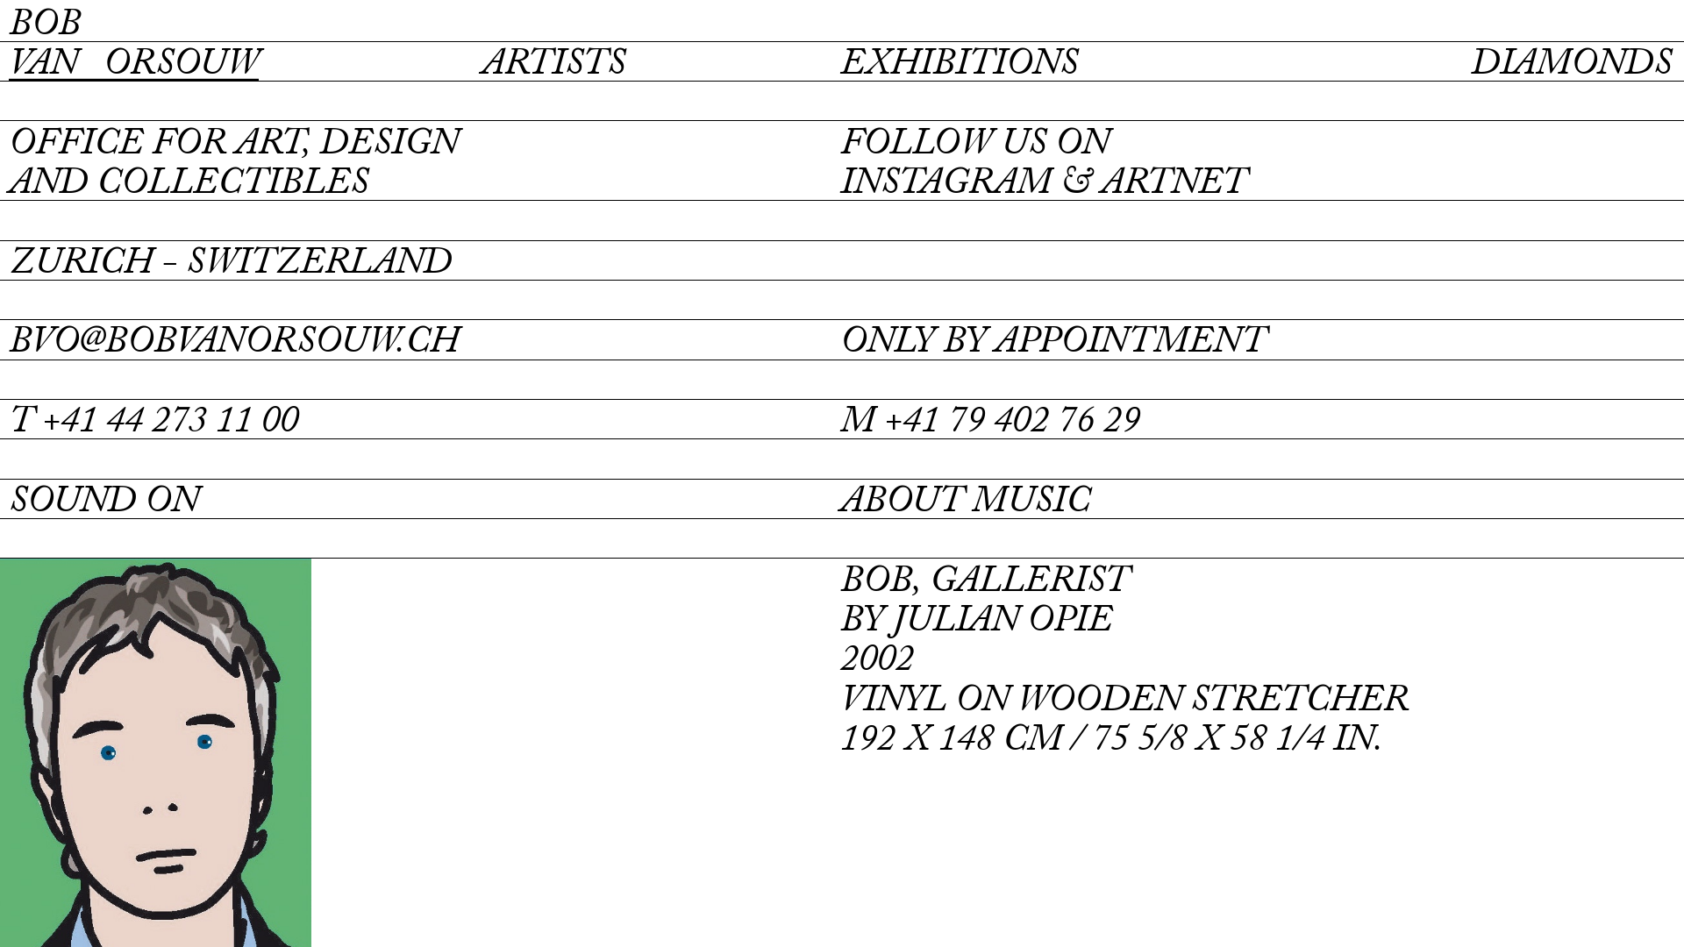 Image resolution: width=1684 pixels, height=947 pixels. I want to click on 'BOB, so click(132, 45).